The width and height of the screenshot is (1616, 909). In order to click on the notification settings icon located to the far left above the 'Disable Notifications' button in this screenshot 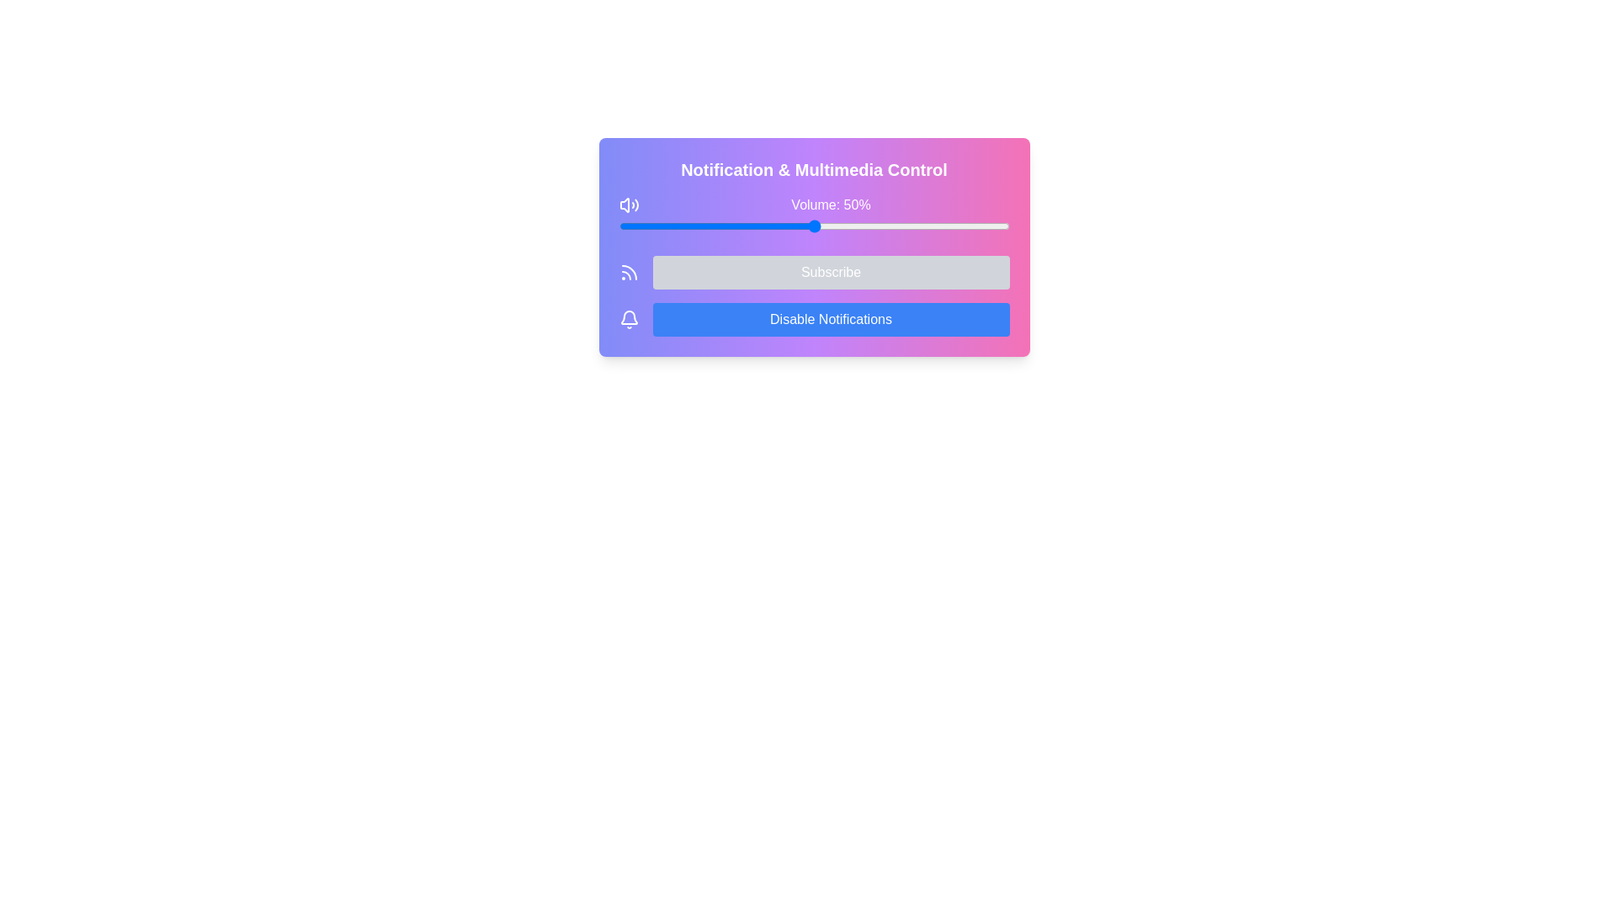, I will do `click(628, 320)`.